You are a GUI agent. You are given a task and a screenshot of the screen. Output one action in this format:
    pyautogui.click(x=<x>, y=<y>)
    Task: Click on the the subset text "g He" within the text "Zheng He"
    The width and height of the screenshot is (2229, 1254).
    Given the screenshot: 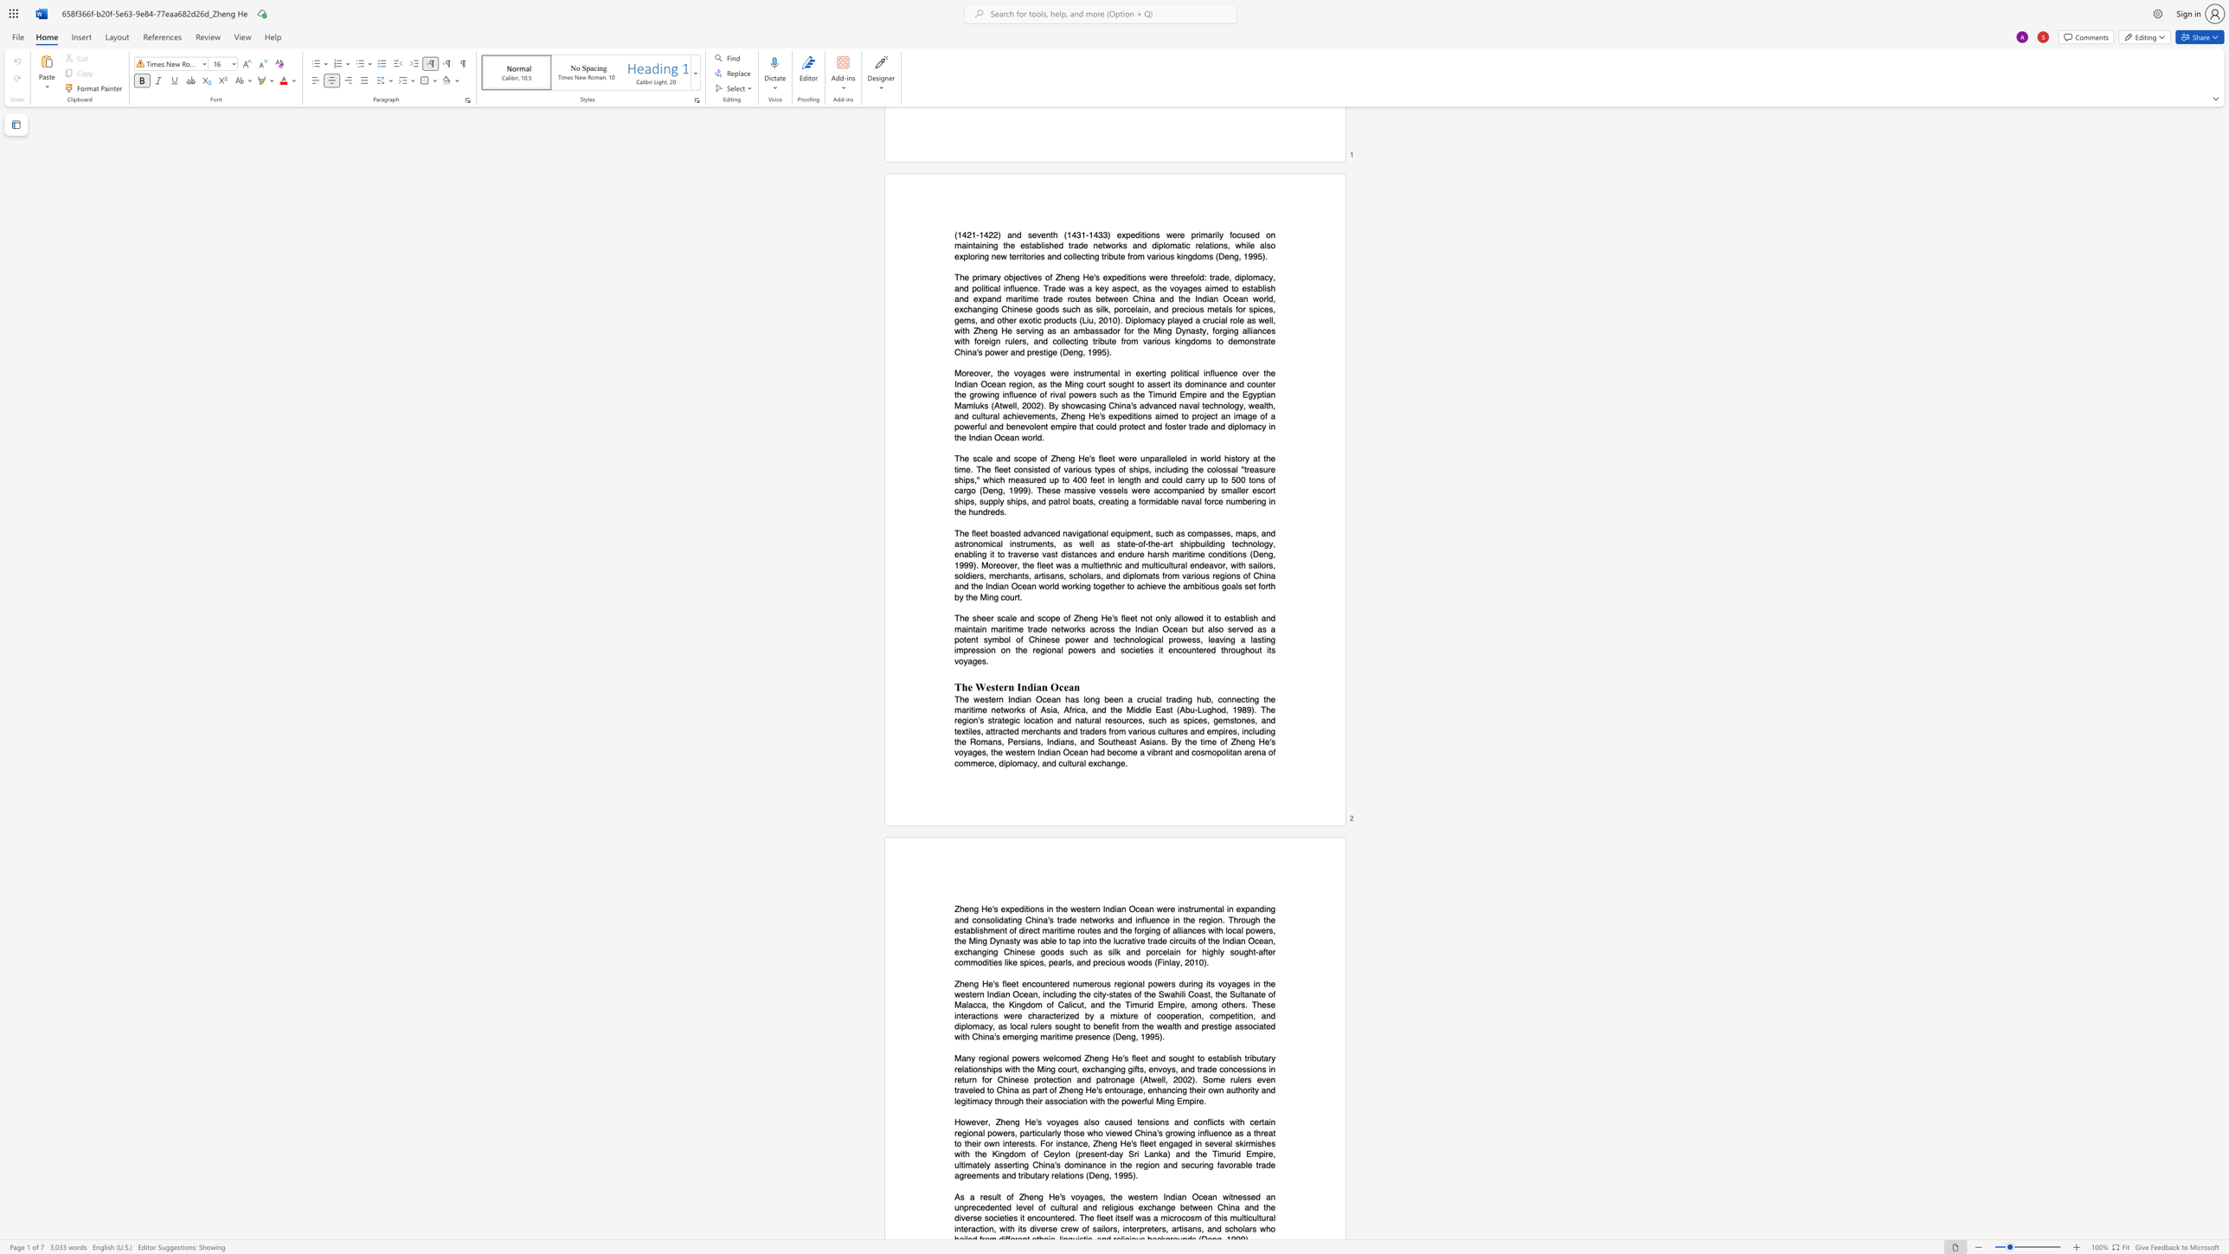 What is the action you would take?
    pyautogui.click(x=974, y=909)
    